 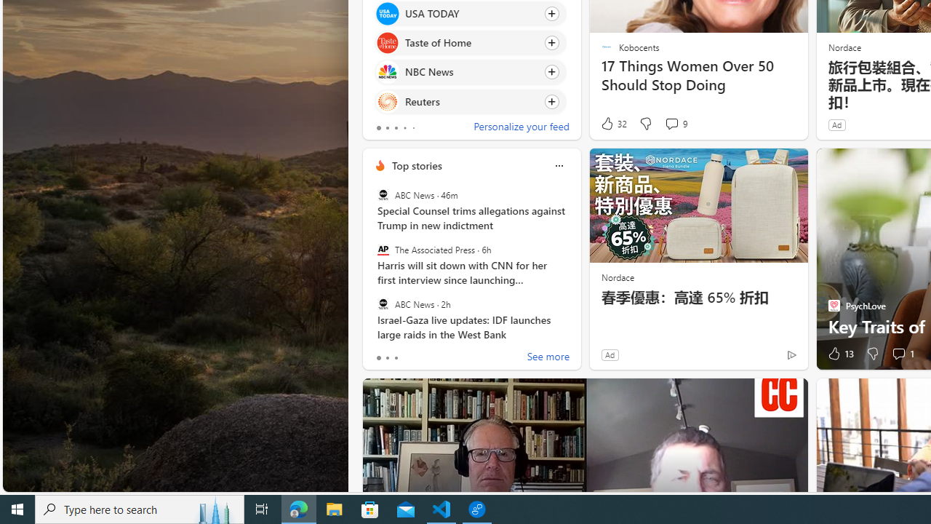 What do you see at coordinates (412, 127) in the screenshot?
I see `'tab-4'` at bounding box center [412, 127].